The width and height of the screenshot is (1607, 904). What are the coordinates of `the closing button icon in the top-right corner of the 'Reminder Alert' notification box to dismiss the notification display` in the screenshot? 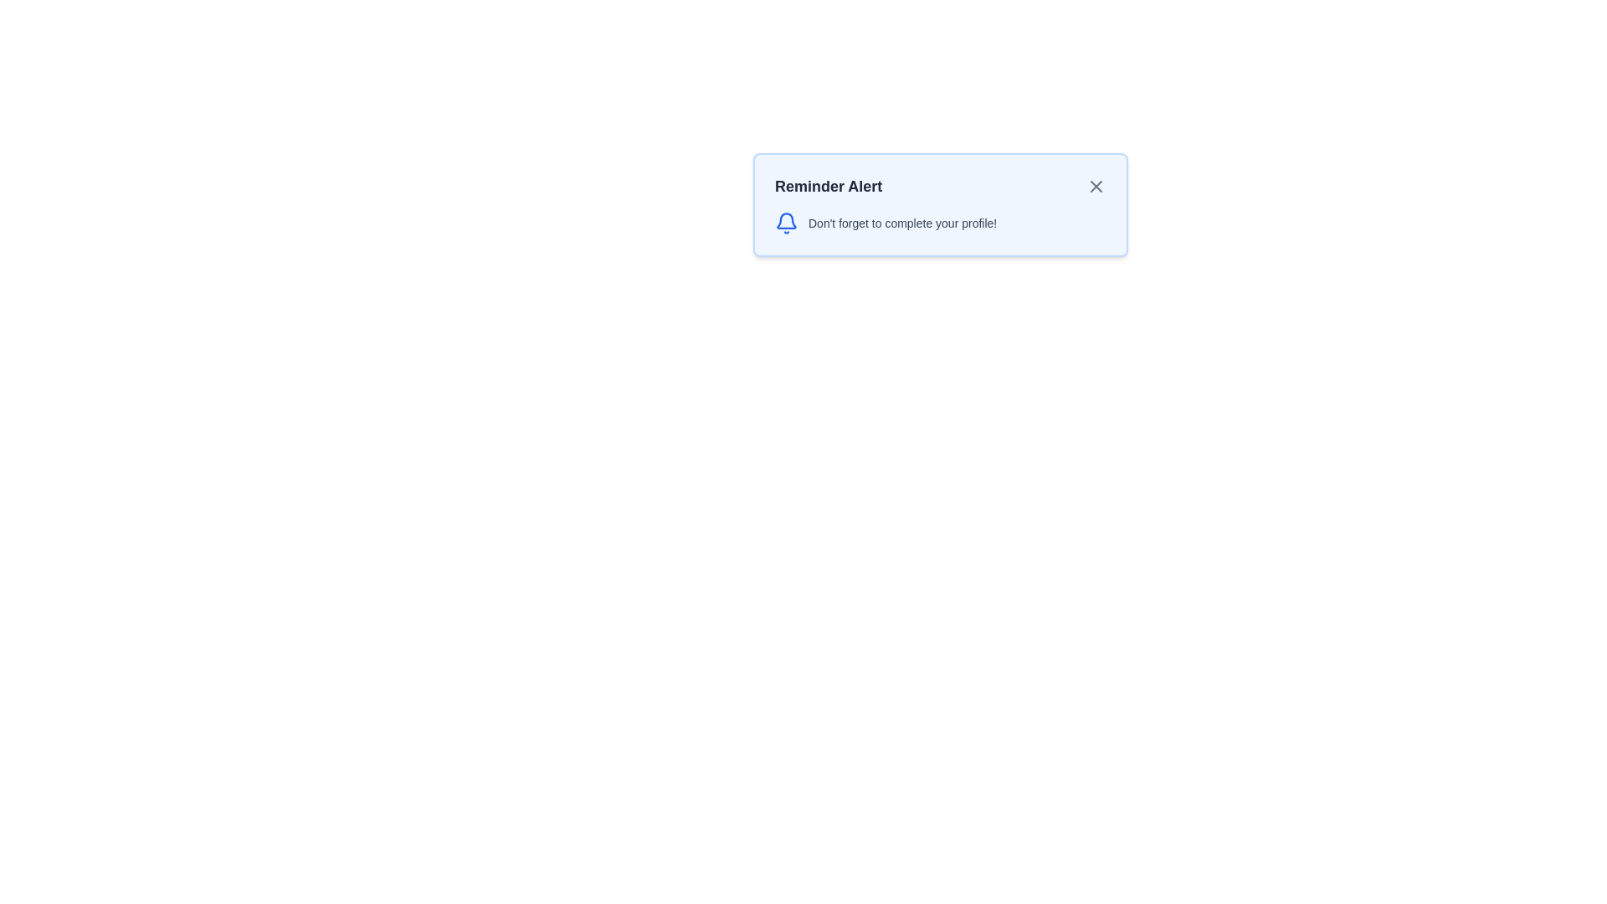 It's located at (1096, 187).